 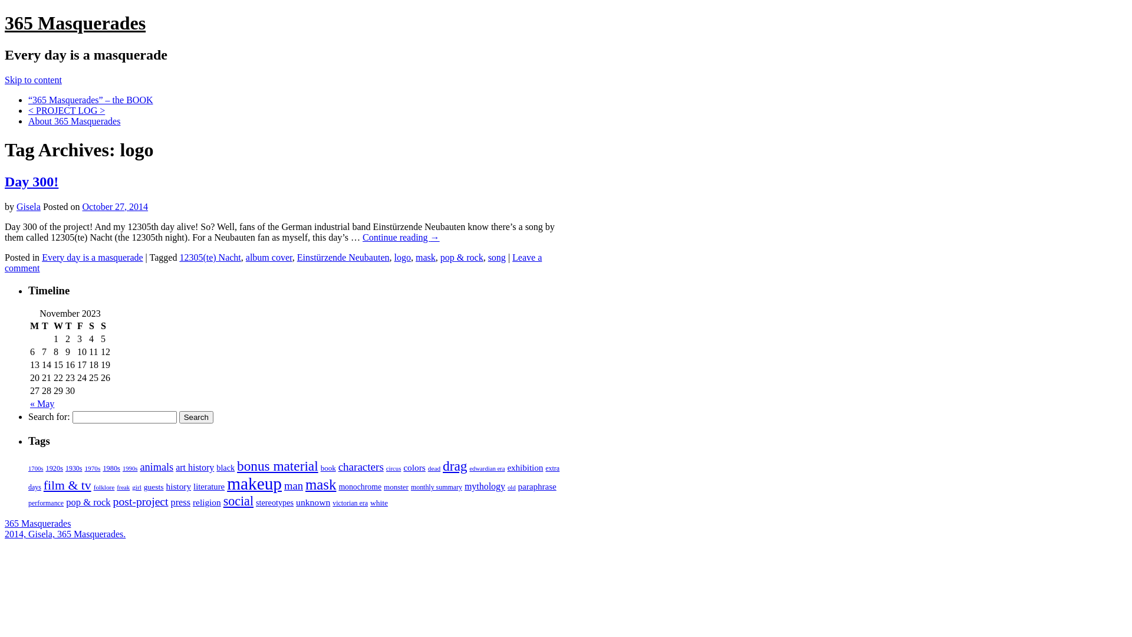 What do you see at coordinates (28, 206) in the screenshot?
I see `'Gisela'` at bounding box center [28, 206].